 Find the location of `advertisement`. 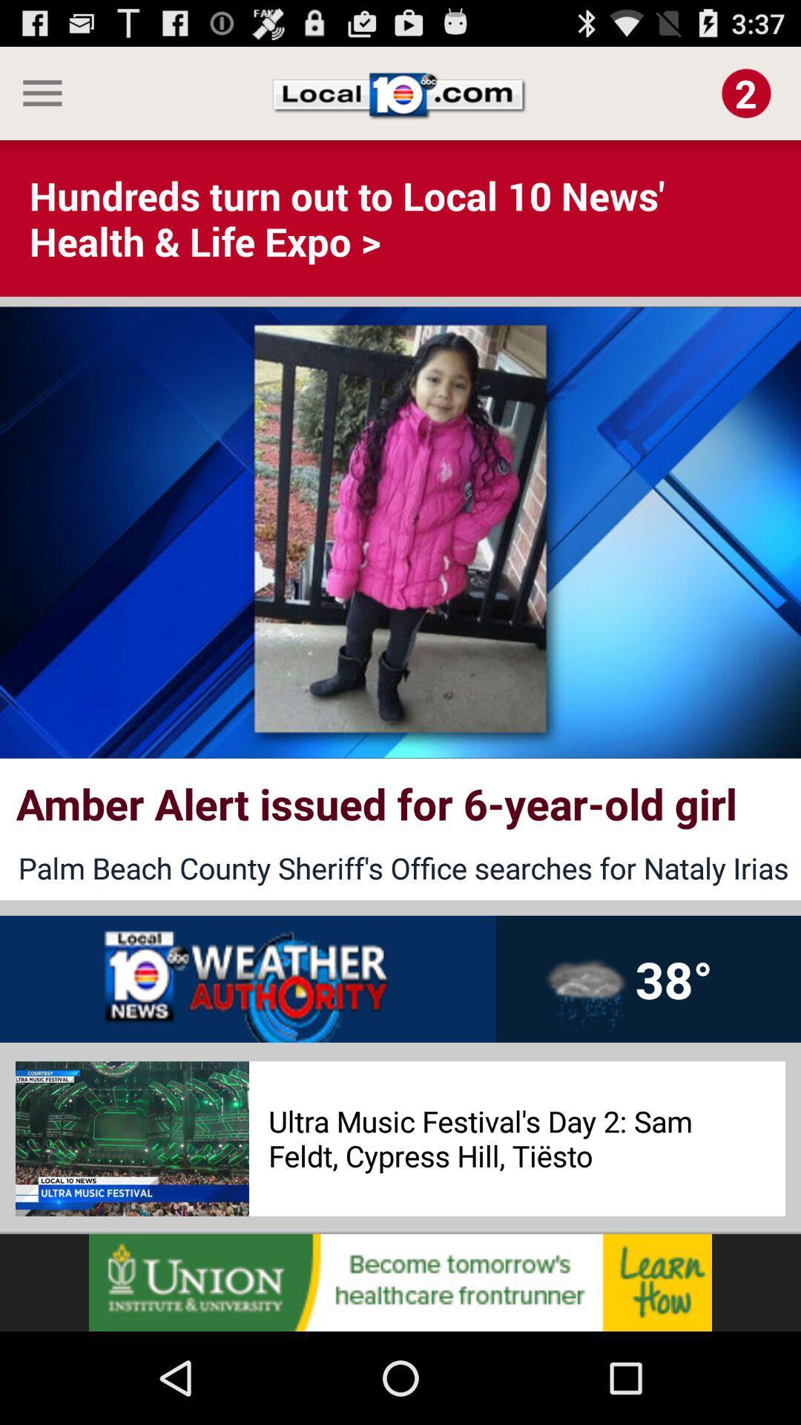

advertisement is located at coordinates (400, 1282).